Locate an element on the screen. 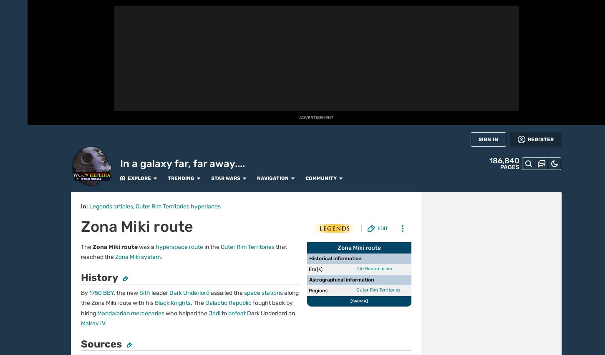 The width and height of the screenshot is (605, 355). 'Wikis' is located at coordinates (14, 269).